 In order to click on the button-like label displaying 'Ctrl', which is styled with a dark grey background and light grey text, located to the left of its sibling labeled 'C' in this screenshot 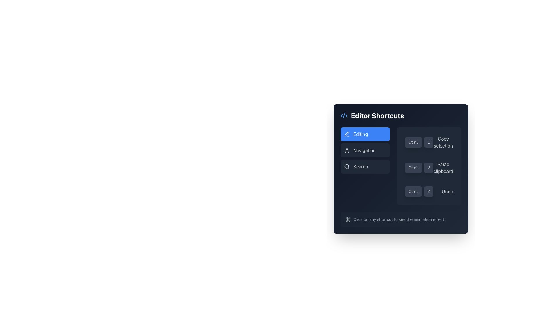, I will do `click(413, 142)`.